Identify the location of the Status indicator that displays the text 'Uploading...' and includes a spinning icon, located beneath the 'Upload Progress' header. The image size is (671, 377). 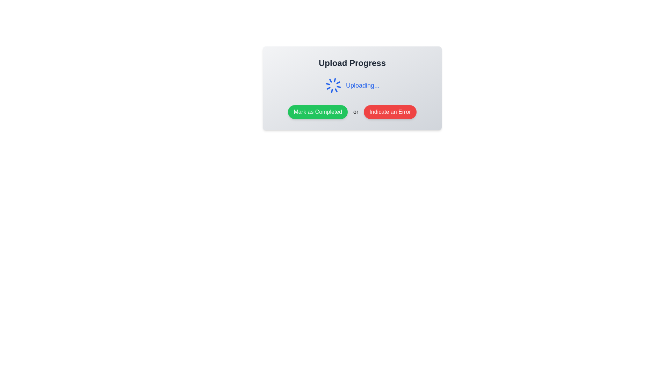
(352, 85).